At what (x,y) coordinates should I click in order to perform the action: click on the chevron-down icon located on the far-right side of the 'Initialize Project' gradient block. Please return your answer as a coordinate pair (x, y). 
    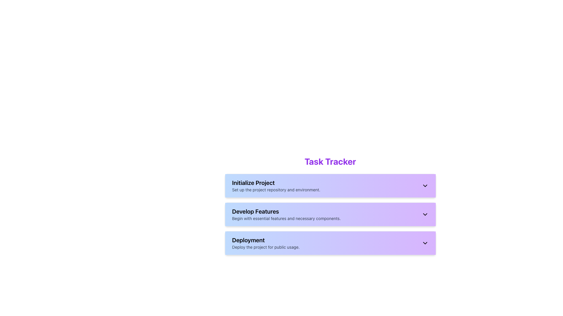
    Looking at the image, I should click on (425, 186).